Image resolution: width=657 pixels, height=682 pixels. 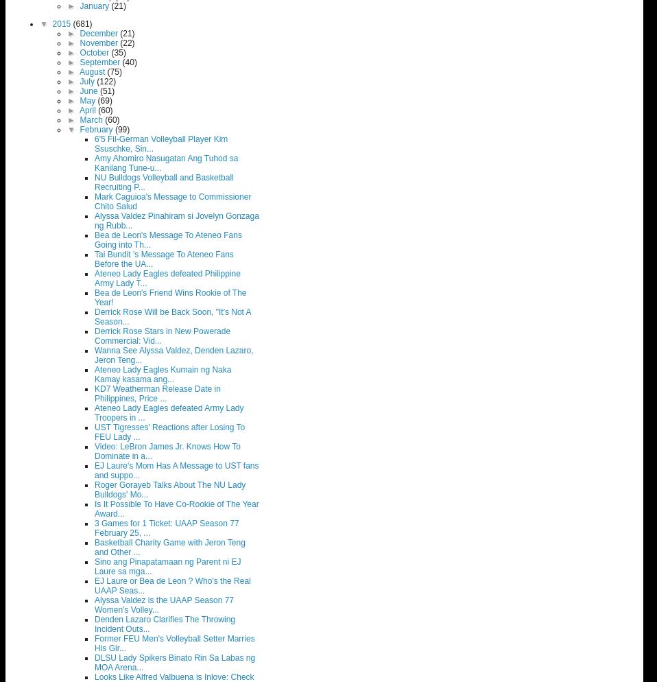 What do you see at coordinates (95, 547) in the screenshot?
I see `'Basketball Charity Game with Jeron Teng and Other ...'` at bounding box center [95, 547].